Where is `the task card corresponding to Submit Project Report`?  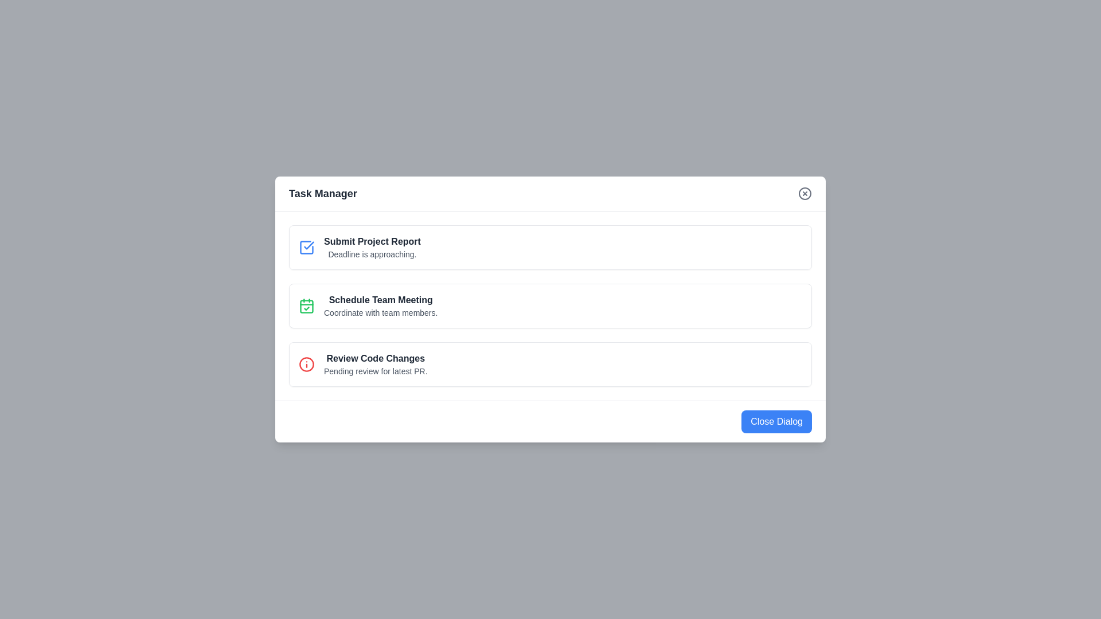 the task card corresponding to Submit Project Report is located at coordinates (550, 247).